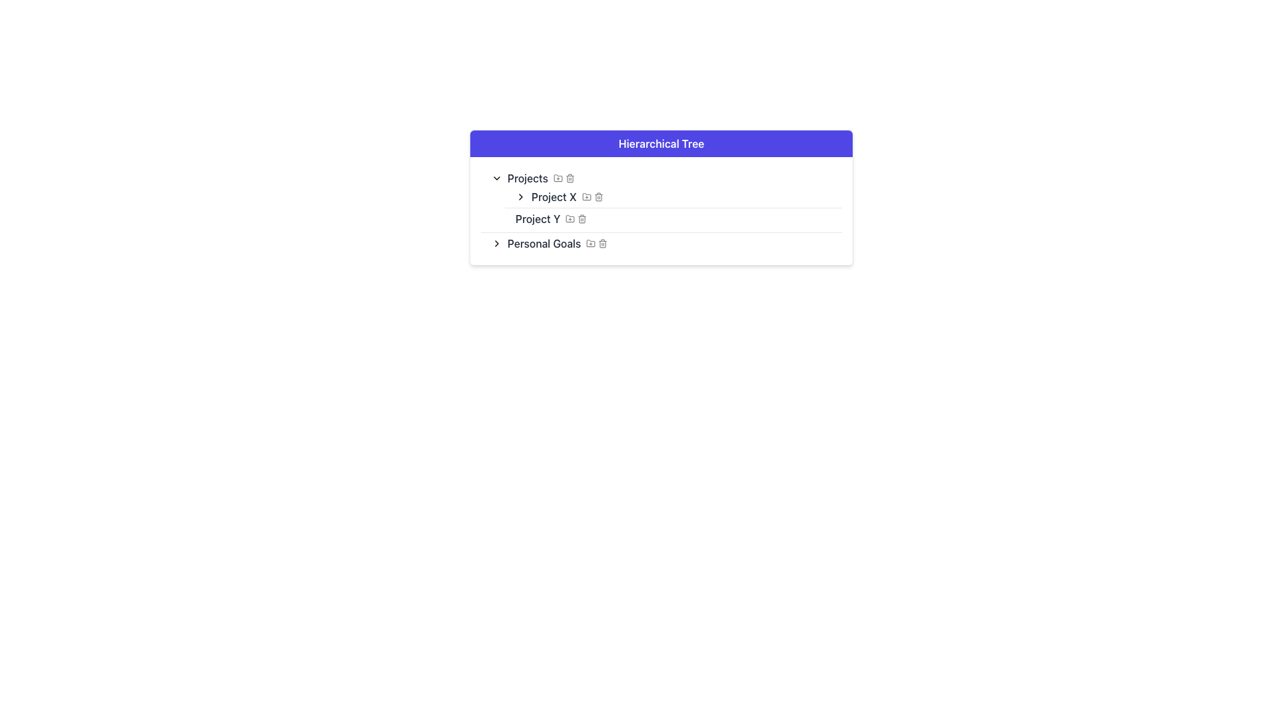  Describe the element at coordinates (520, 197) in the screenshot. I see `the toggle button at the beginning of the row for 'Project X'` at that location.